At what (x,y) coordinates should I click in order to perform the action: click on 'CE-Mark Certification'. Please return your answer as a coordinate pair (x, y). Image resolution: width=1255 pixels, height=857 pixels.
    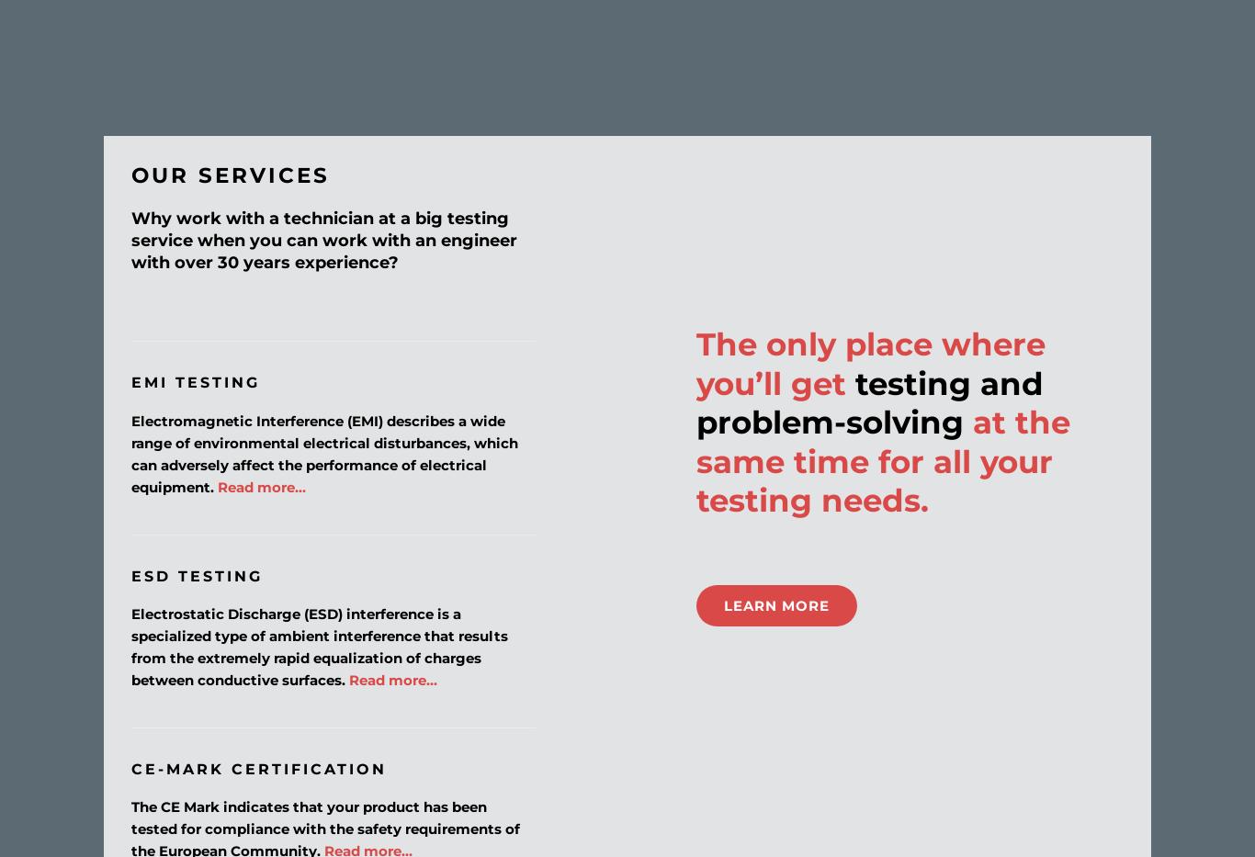
    Looking at the image, I should click on (258, 767).